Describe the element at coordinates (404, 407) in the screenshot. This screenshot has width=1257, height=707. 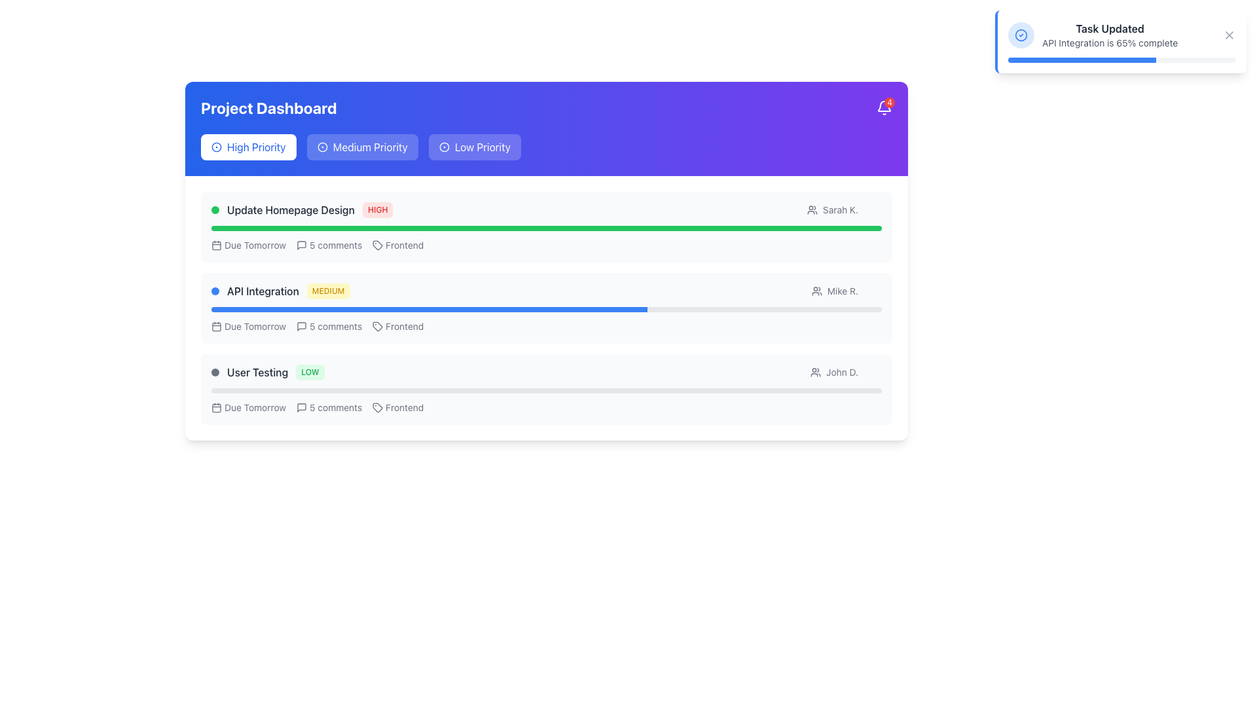
I see `text content of the label displaying 'Frontend' located in the third row under 'User Testing', which is positioned to the right of a tag-shaped icon` at that location.